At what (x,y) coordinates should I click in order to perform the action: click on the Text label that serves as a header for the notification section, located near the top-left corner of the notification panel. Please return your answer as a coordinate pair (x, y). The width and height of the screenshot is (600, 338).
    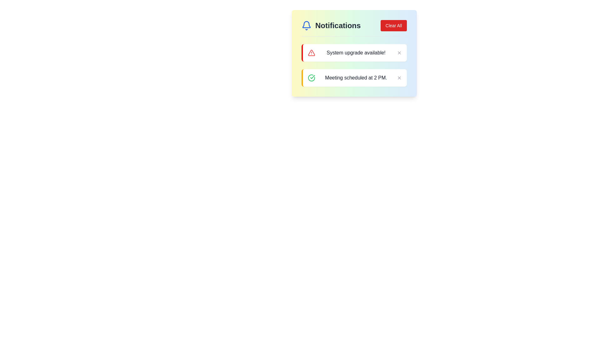
    Looking at the image, I should click on (337, 25).